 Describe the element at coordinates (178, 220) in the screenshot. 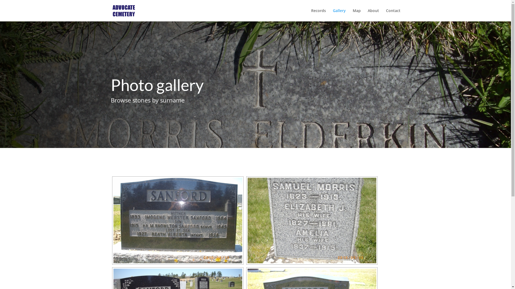

I see `'IMGP0789 (Large)'` at that location.